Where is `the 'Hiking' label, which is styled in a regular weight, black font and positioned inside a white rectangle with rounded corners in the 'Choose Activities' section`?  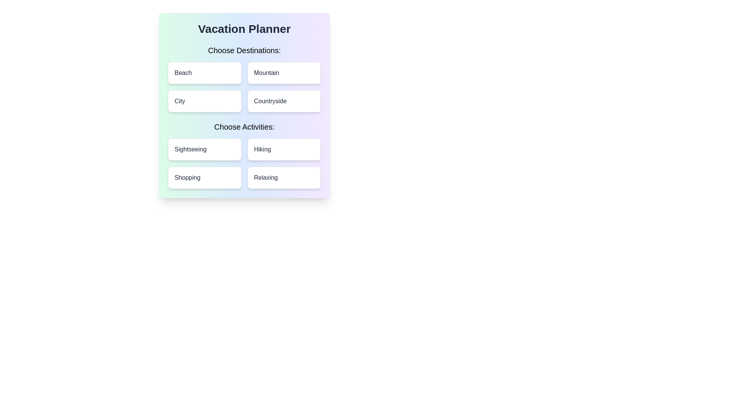 the 'Hiking' label, which is styled in a regular weight, black font and positioned inside a white rectangle with rounded corners in the 'Choose Activities' section is located at coordinates (262, 149).